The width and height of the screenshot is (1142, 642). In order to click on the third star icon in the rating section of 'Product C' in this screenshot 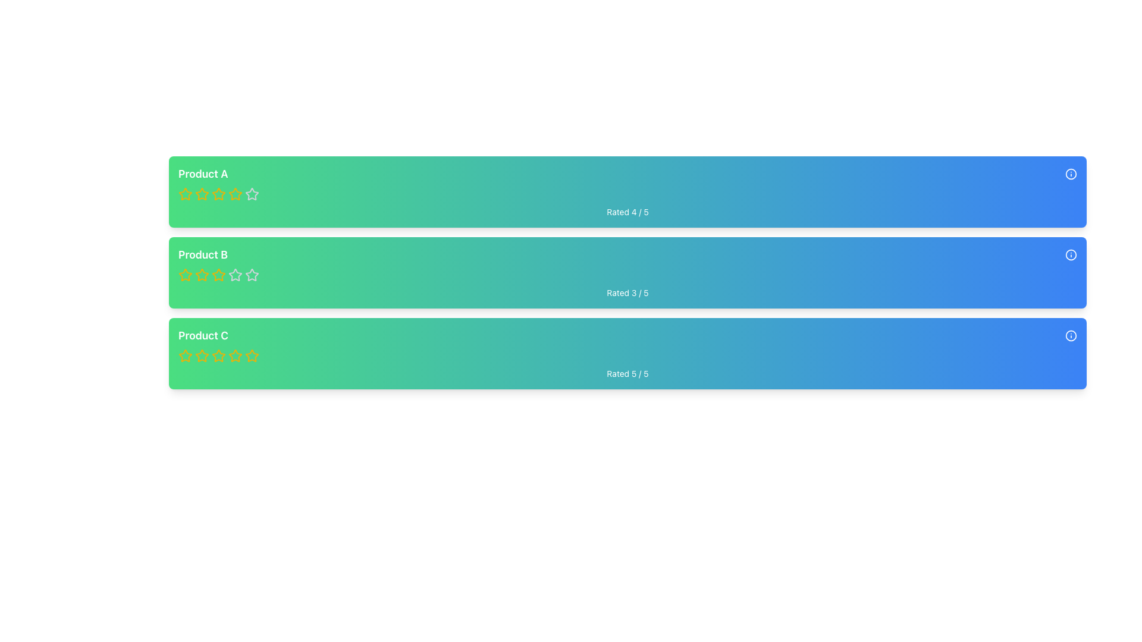, I will do `click(219, 355)`.